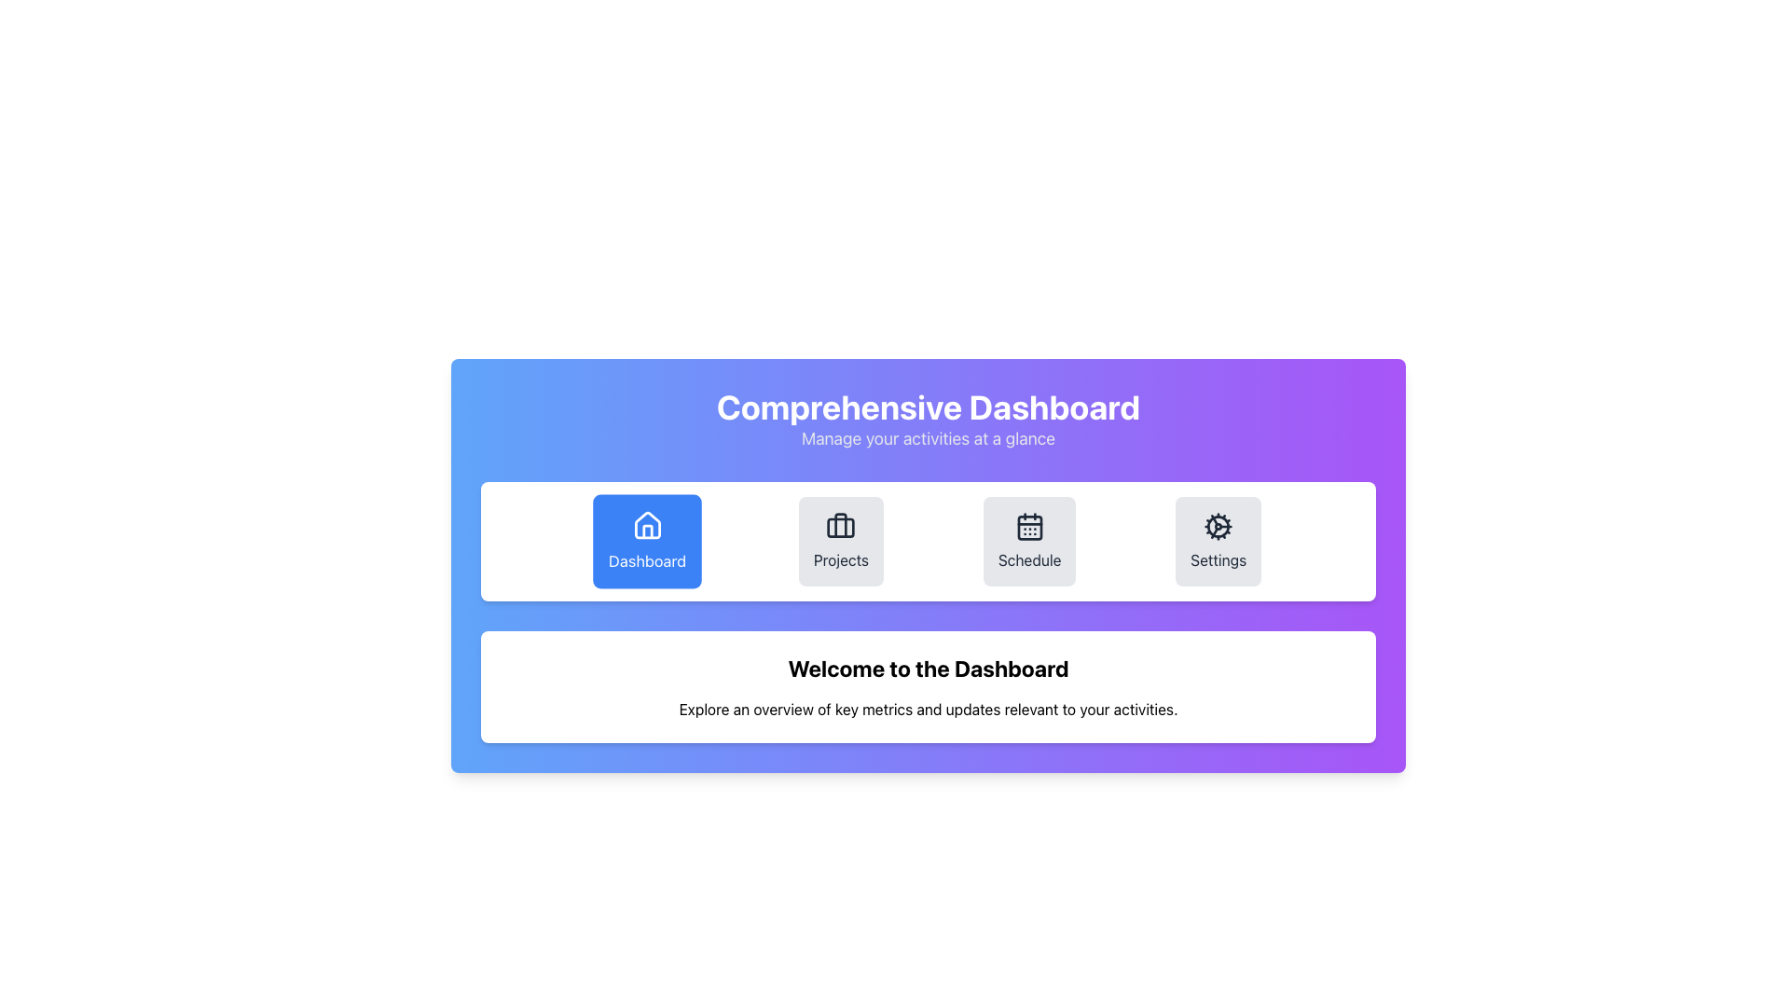 Image resolution: width=1790 pixels, height=1007 pixels. I want to click on the 'Projects' button, which is a rectangular button with a briefcase icon and modern styling, so click(840, 542).